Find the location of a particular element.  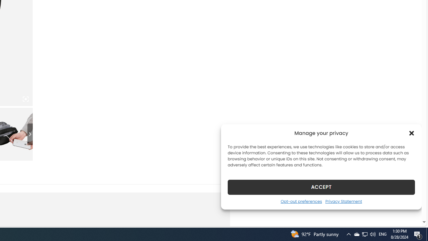

'Opt-out preferences' is located at coordinates (301, 201).